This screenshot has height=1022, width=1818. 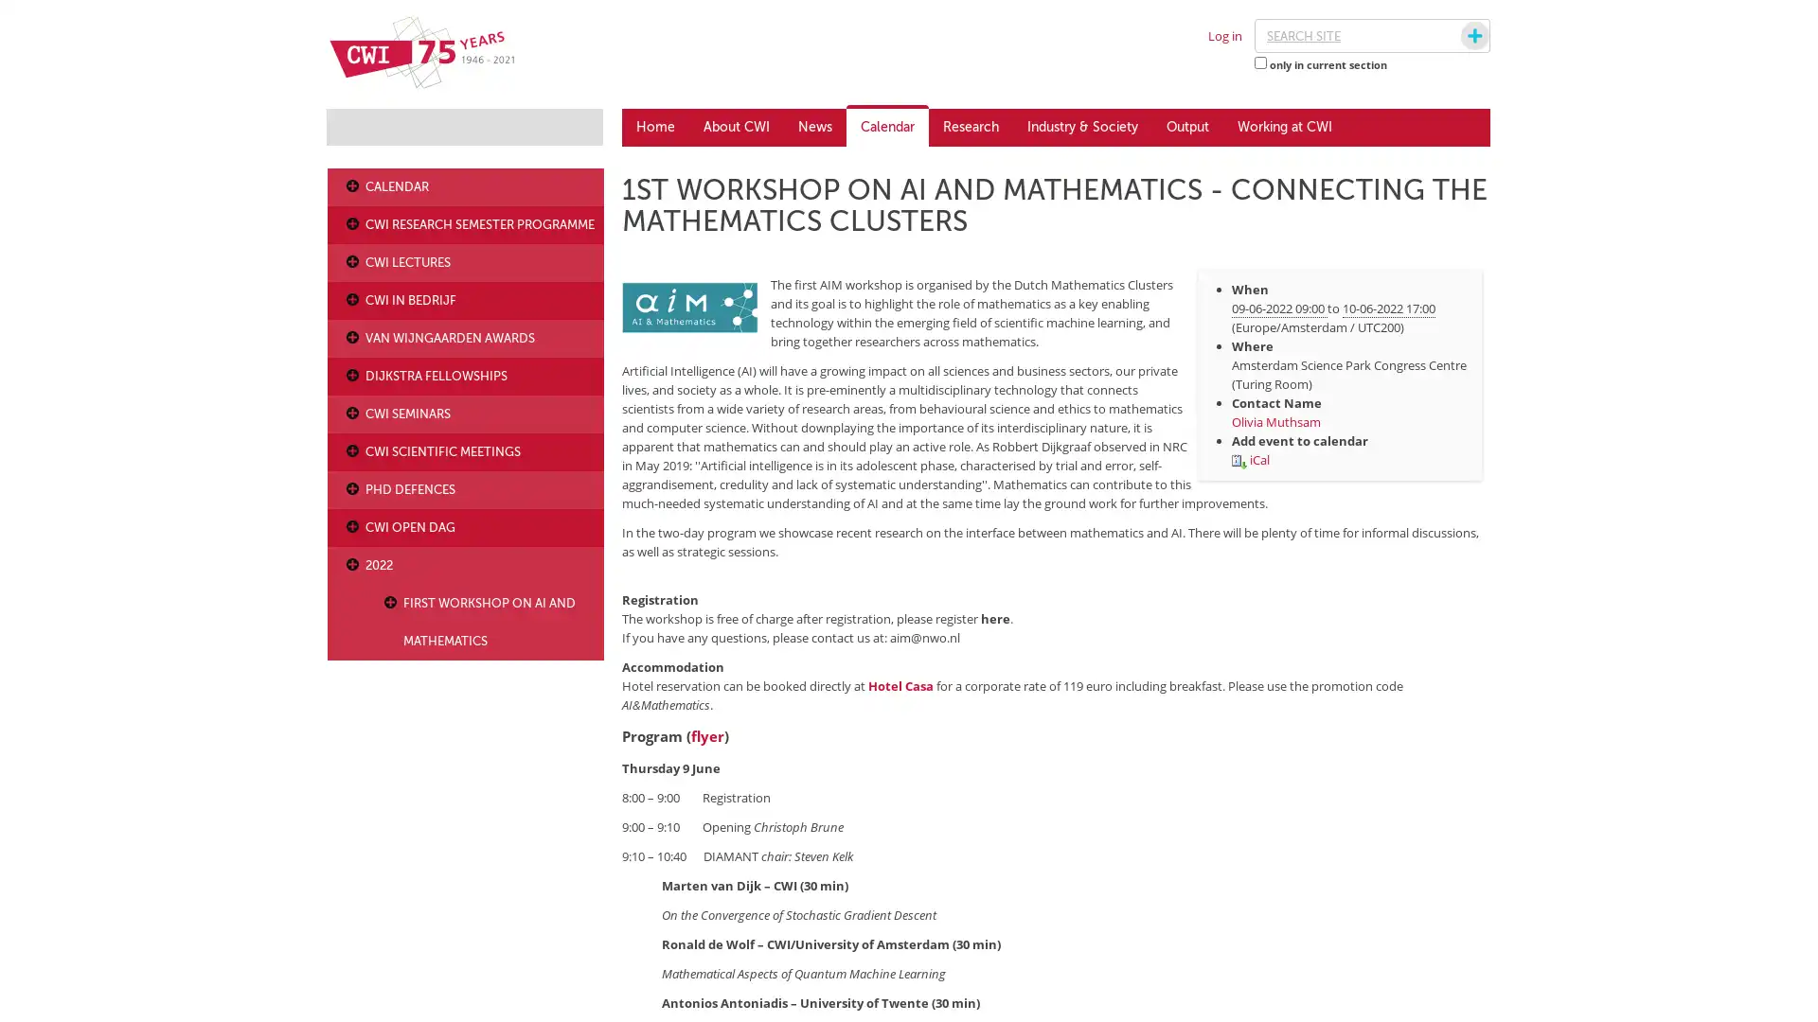 What do you see at coordinates (1456, 36) in the screenshot?
I see `Search` at bounding box center [1456, 36].